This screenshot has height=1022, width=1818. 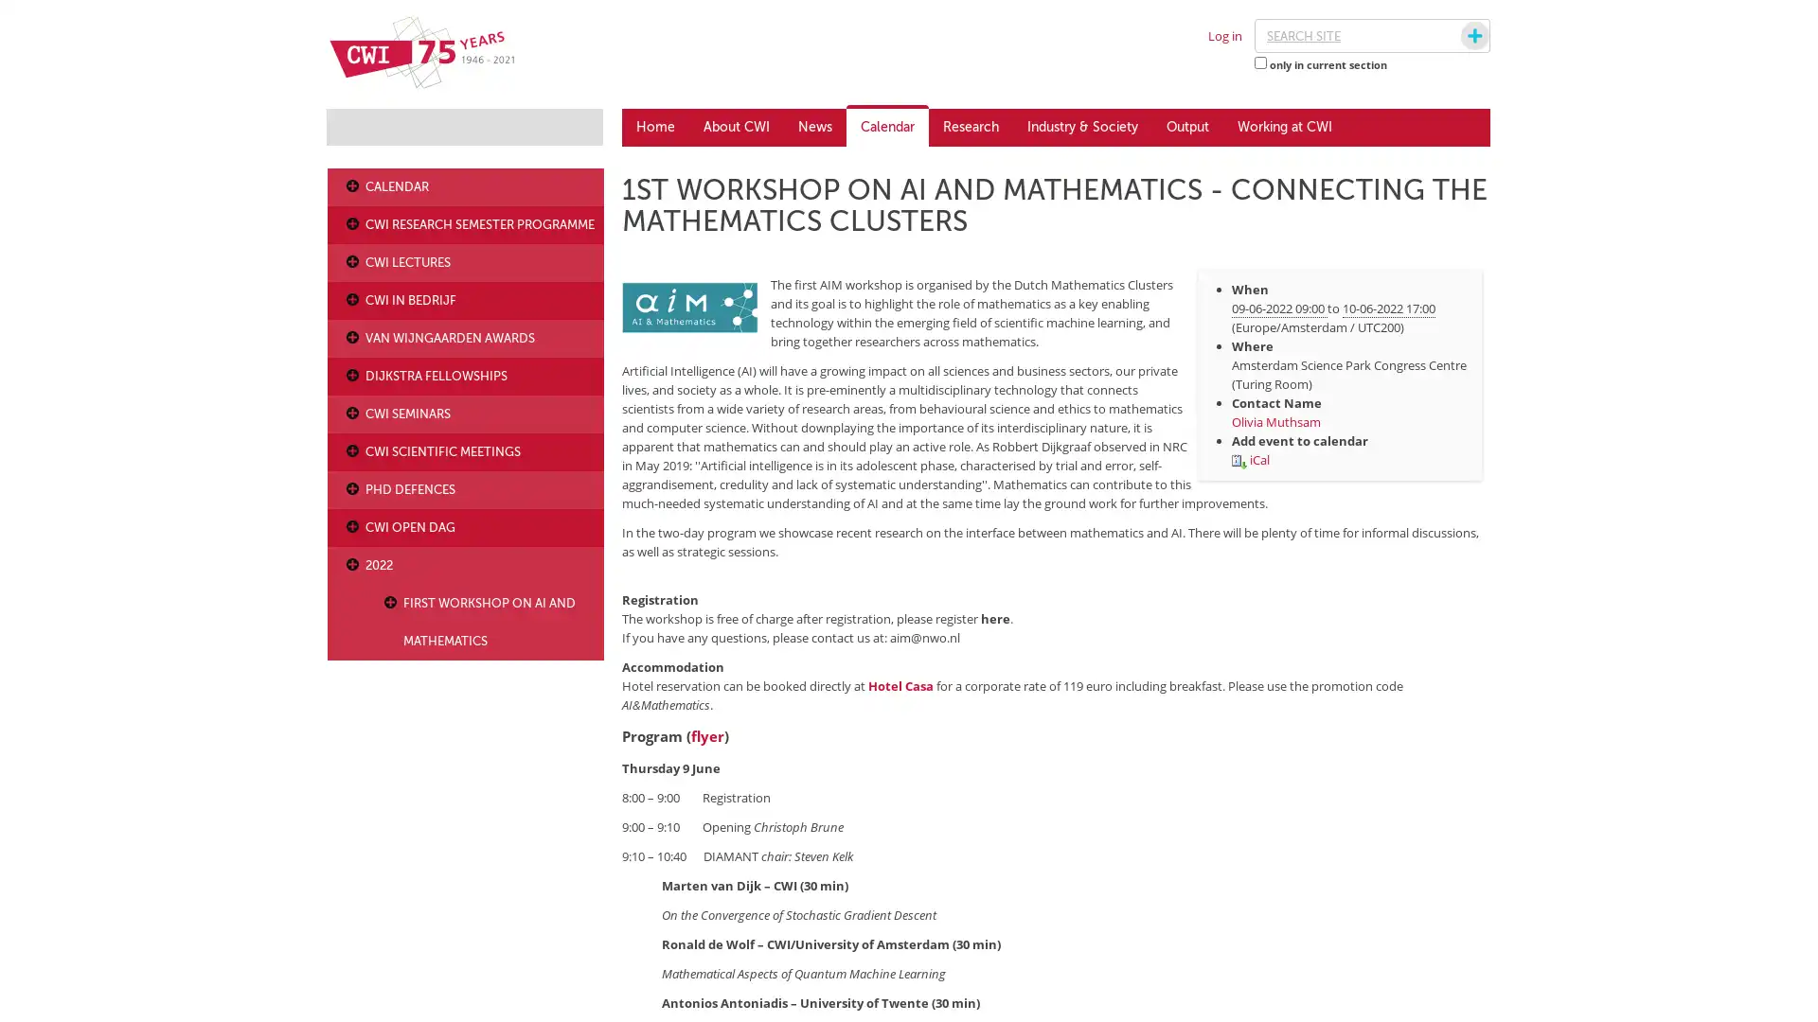 What do you see at coordinates (1456, 36) in the screenshot?
I see `Search` at bounding box center [1456, 36].